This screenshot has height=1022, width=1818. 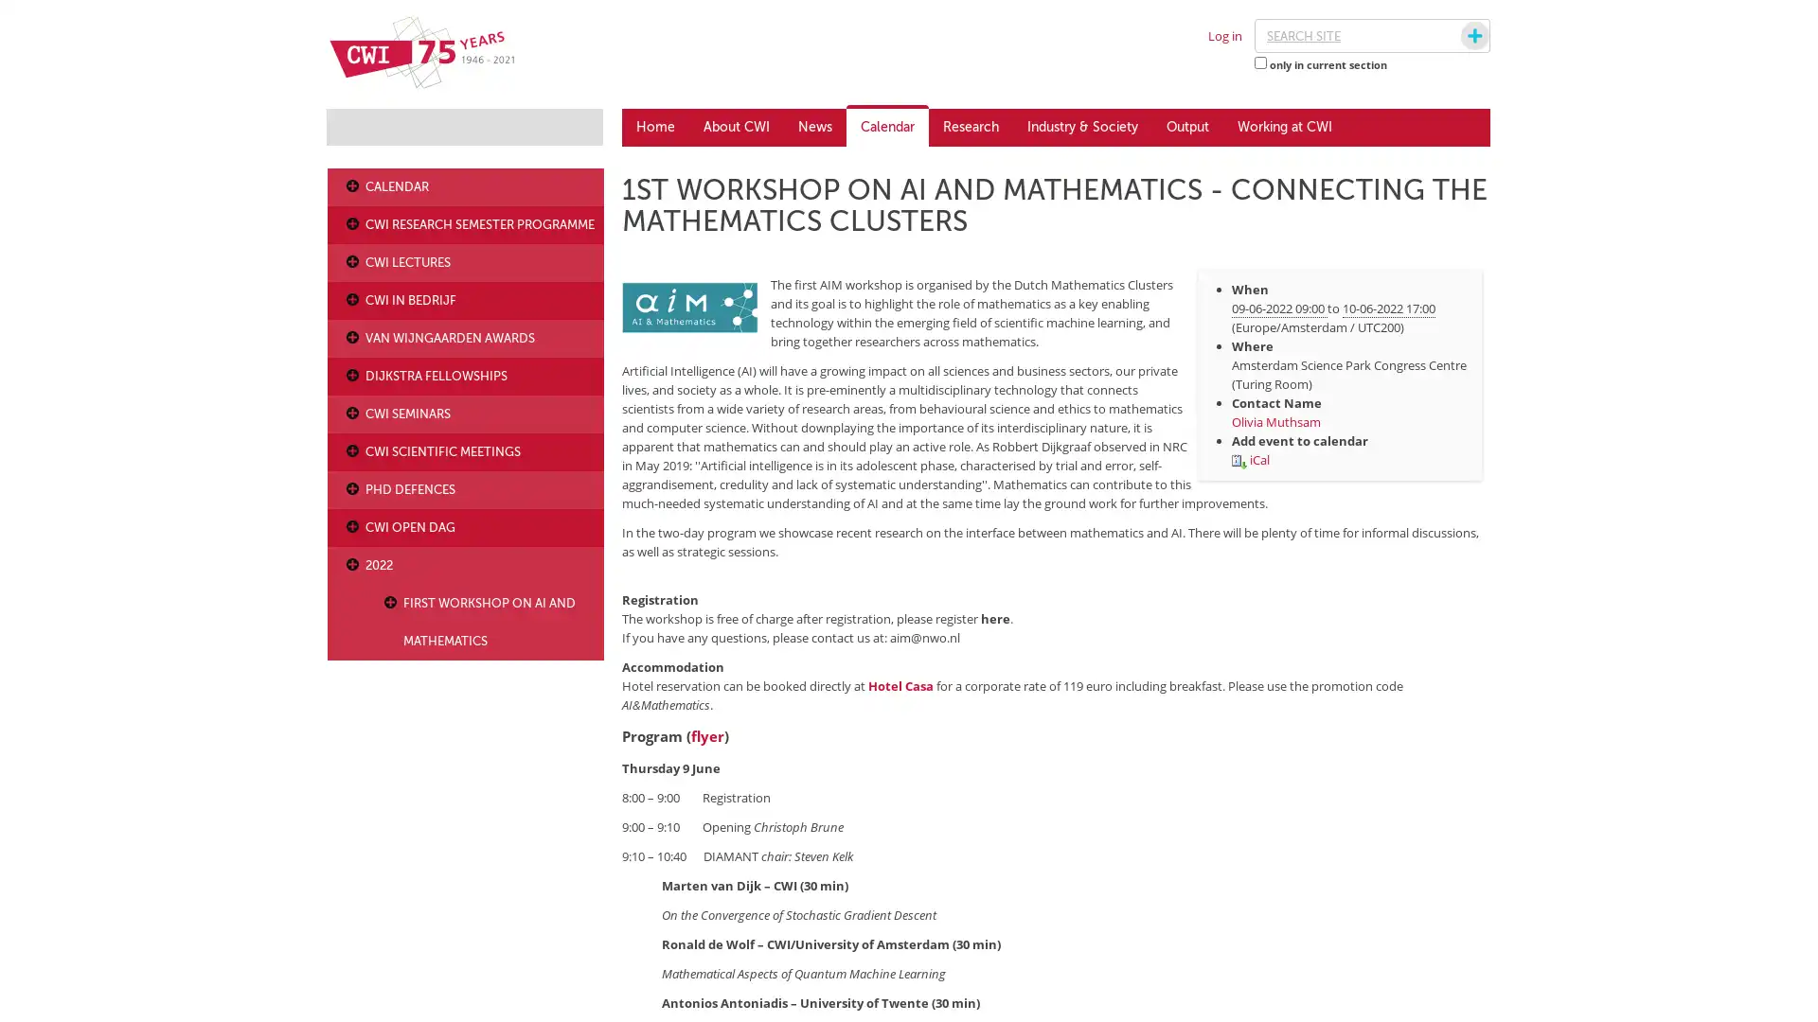 What do you see at coordinates (1456, 36) in the screenshot?
I see `Search` at bounding box center [1456, 36].